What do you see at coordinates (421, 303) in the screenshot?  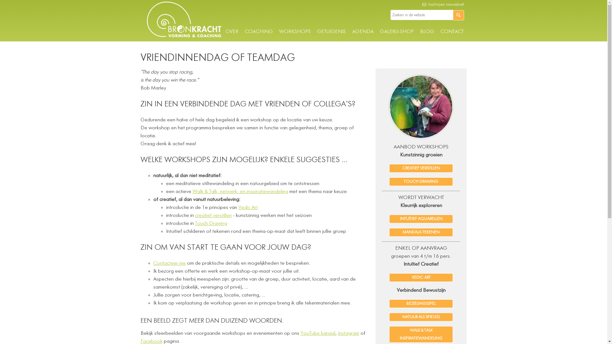 I see `'BEZIELINGSSPEL'` at bounding box center [421, 303].